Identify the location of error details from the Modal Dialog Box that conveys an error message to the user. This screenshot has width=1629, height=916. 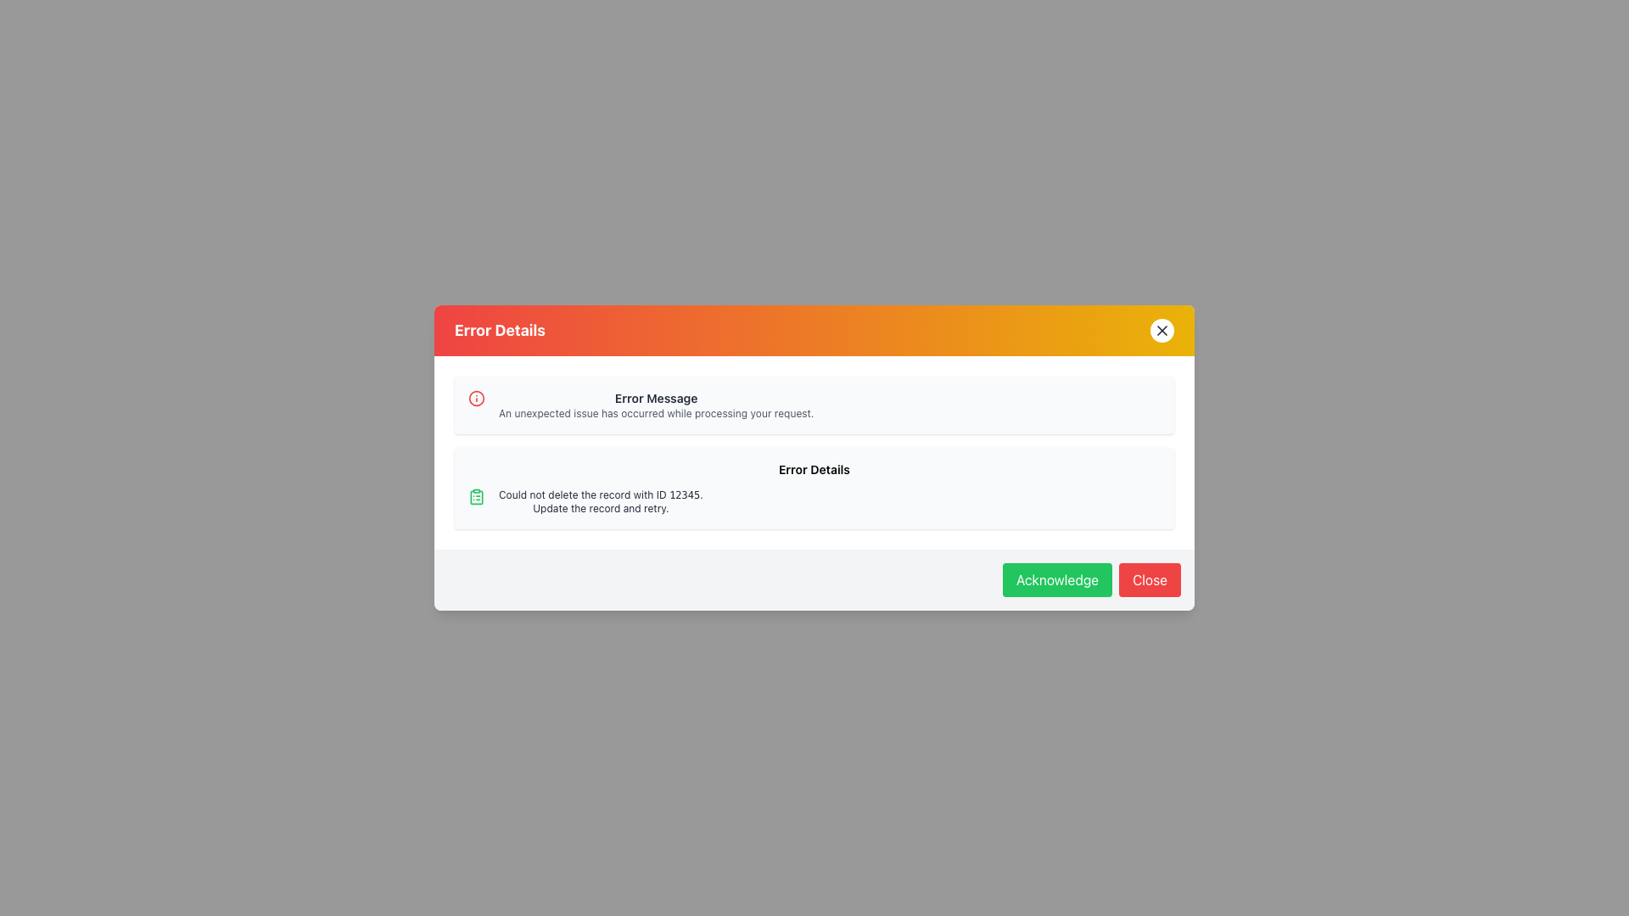
(814, 458).